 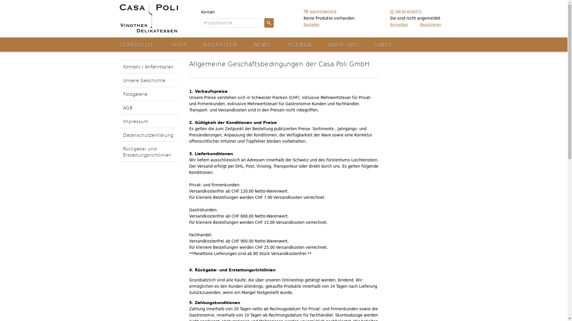 I want to click on 'Suchen', so click(x=268, y=23).